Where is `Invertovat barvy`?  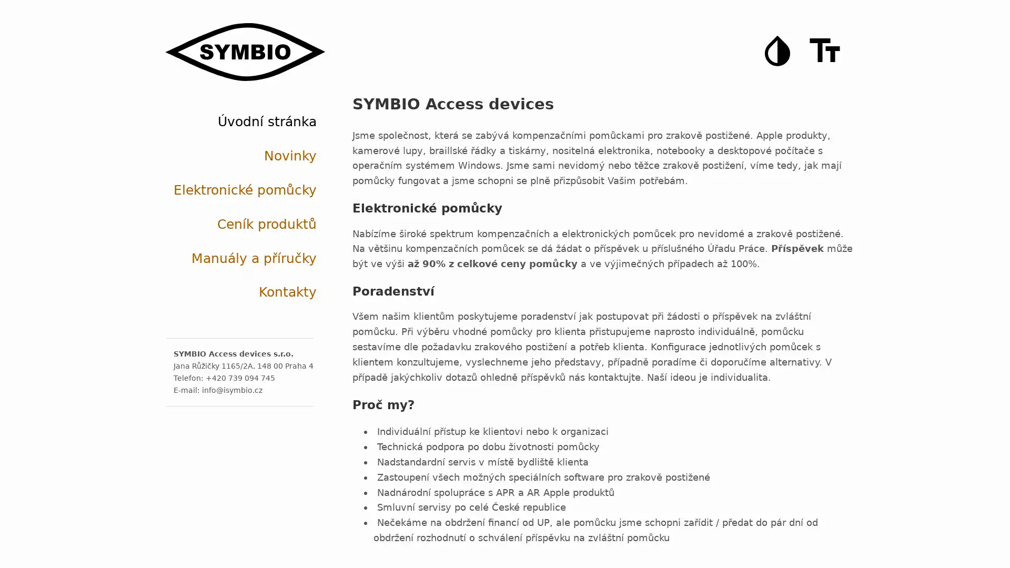
Invertovat barvy is located at coordinates (777, 50).